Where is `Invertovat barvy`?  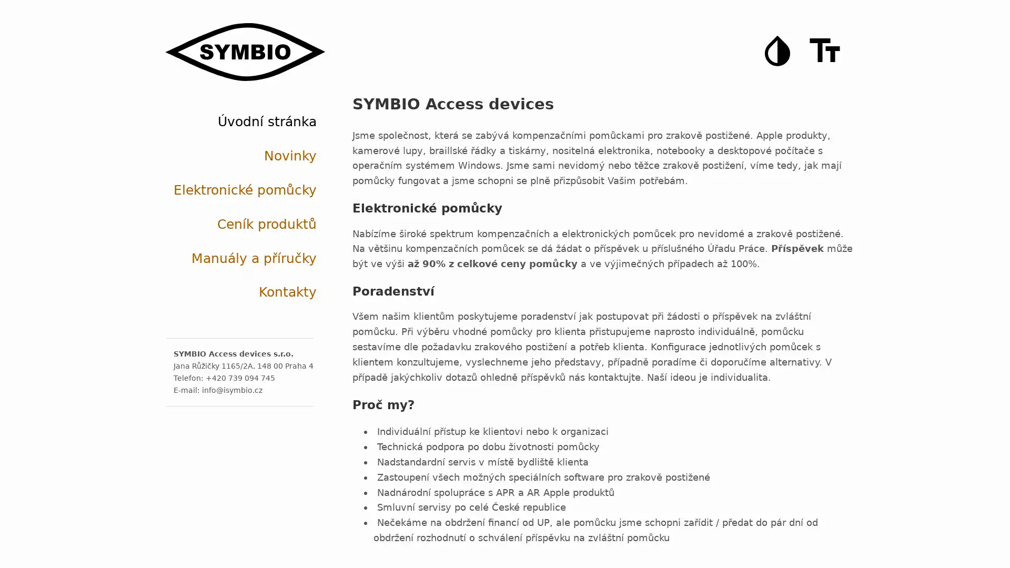
Invertovat barvy is located at coordinates (777, 50).